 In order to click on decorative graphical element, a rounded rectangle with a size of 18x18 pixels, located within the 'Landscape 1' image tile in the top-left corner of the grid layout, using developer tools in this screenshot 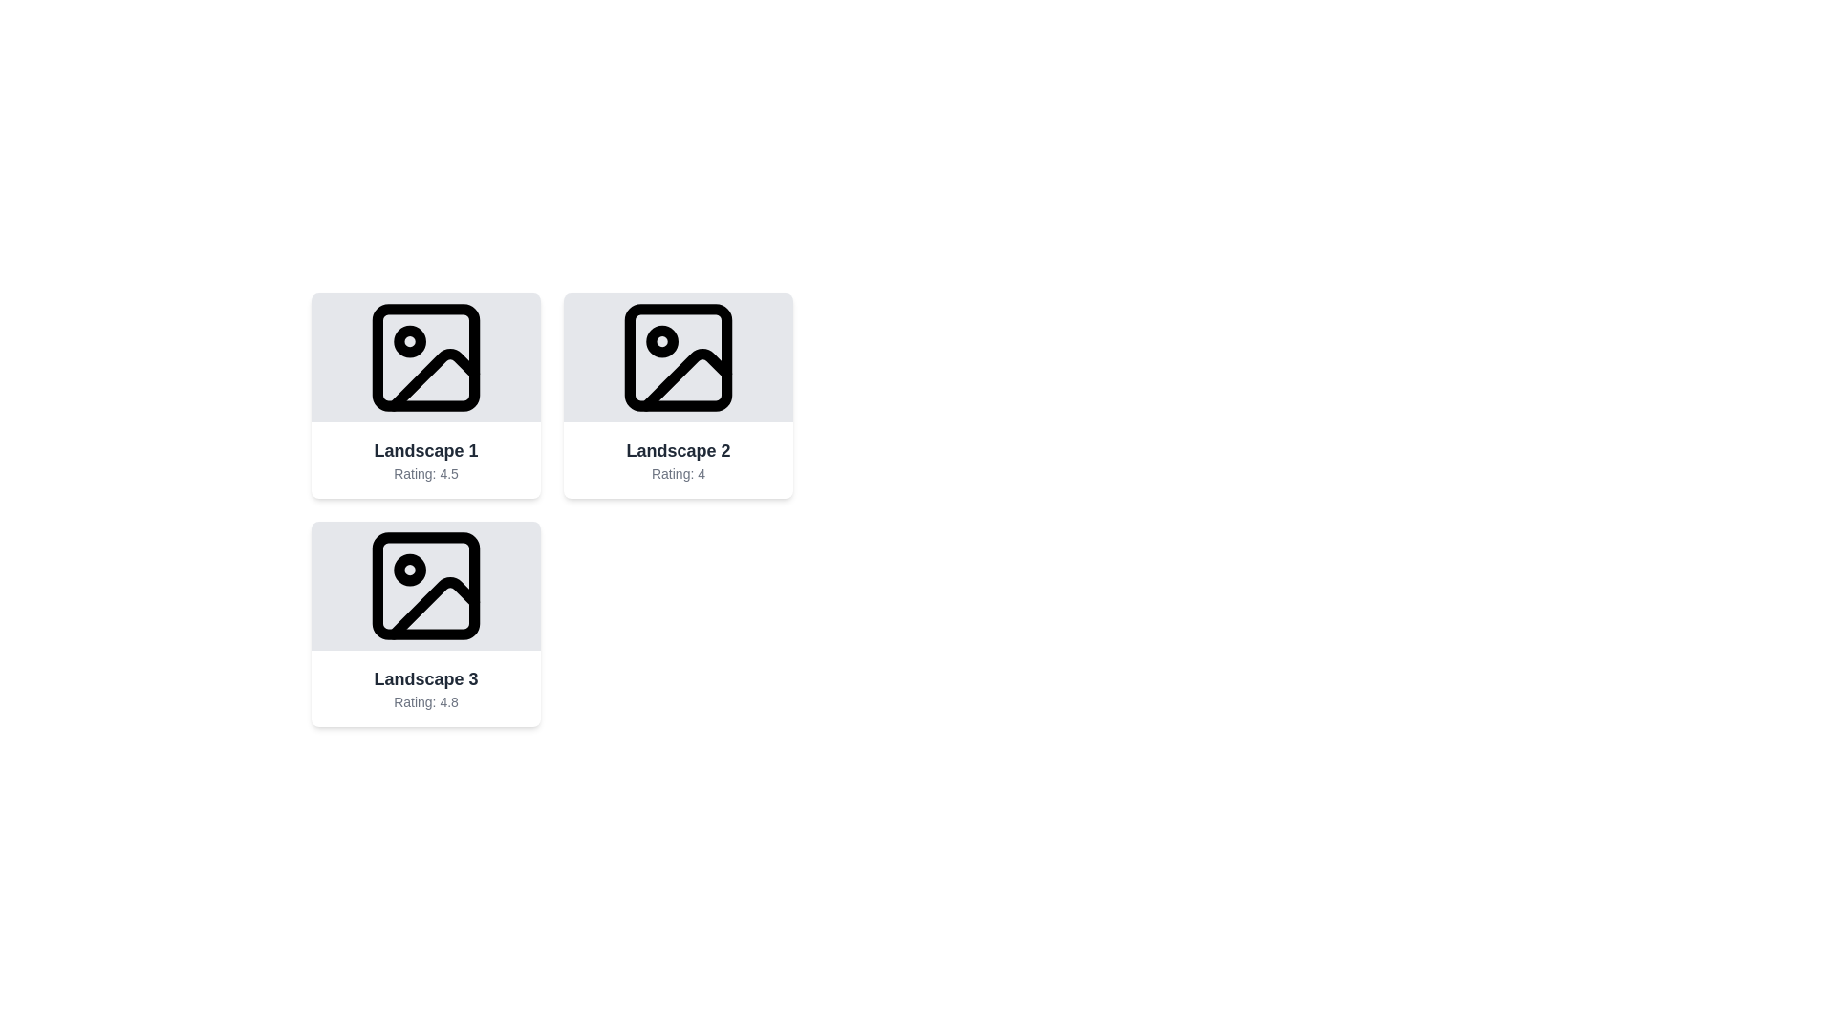, I will do `click(425, 357)`.